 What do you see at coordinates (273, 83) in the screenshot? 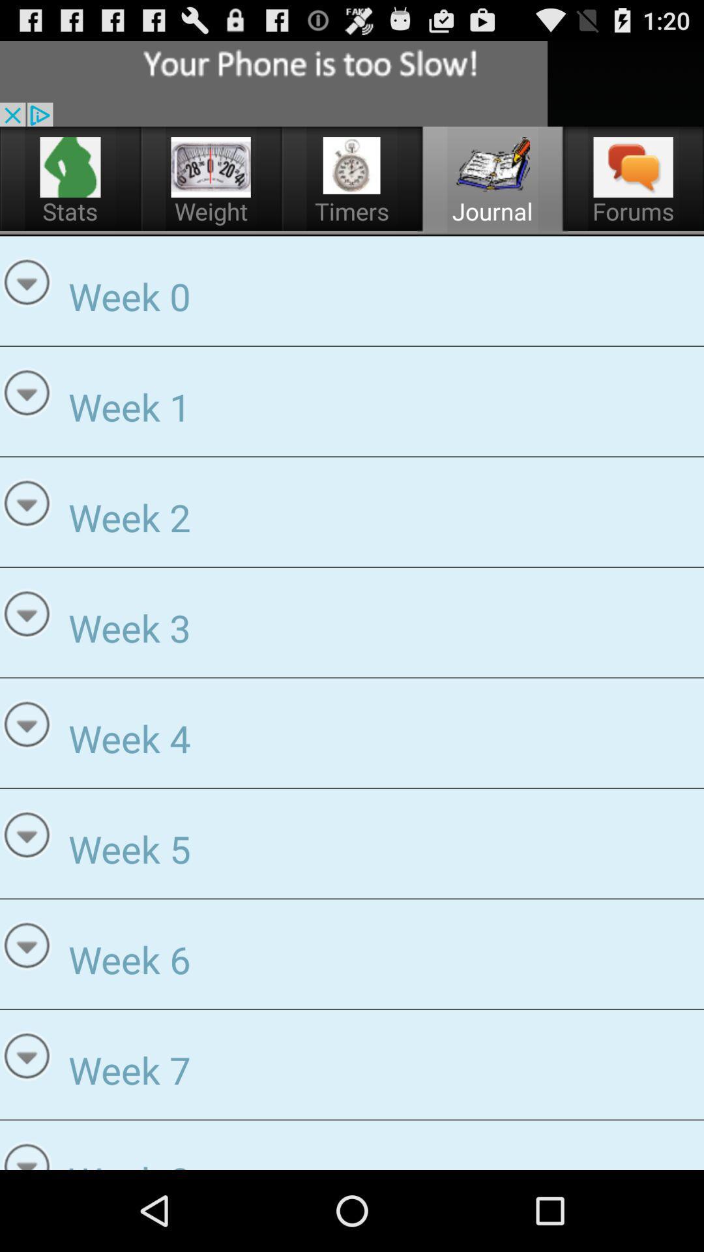
I see `search` at bounding box center [273, 83].